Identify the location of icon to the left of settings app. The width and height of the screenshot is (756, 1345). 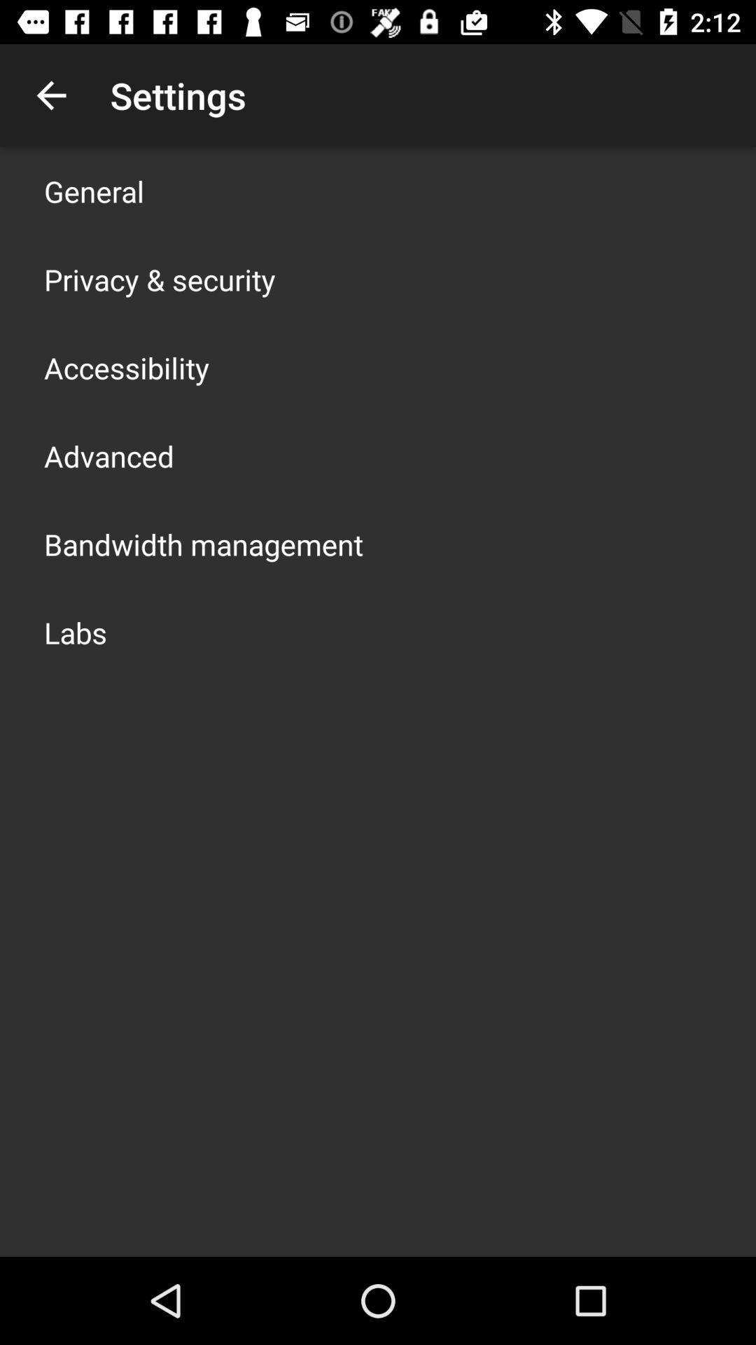
(50, 95).